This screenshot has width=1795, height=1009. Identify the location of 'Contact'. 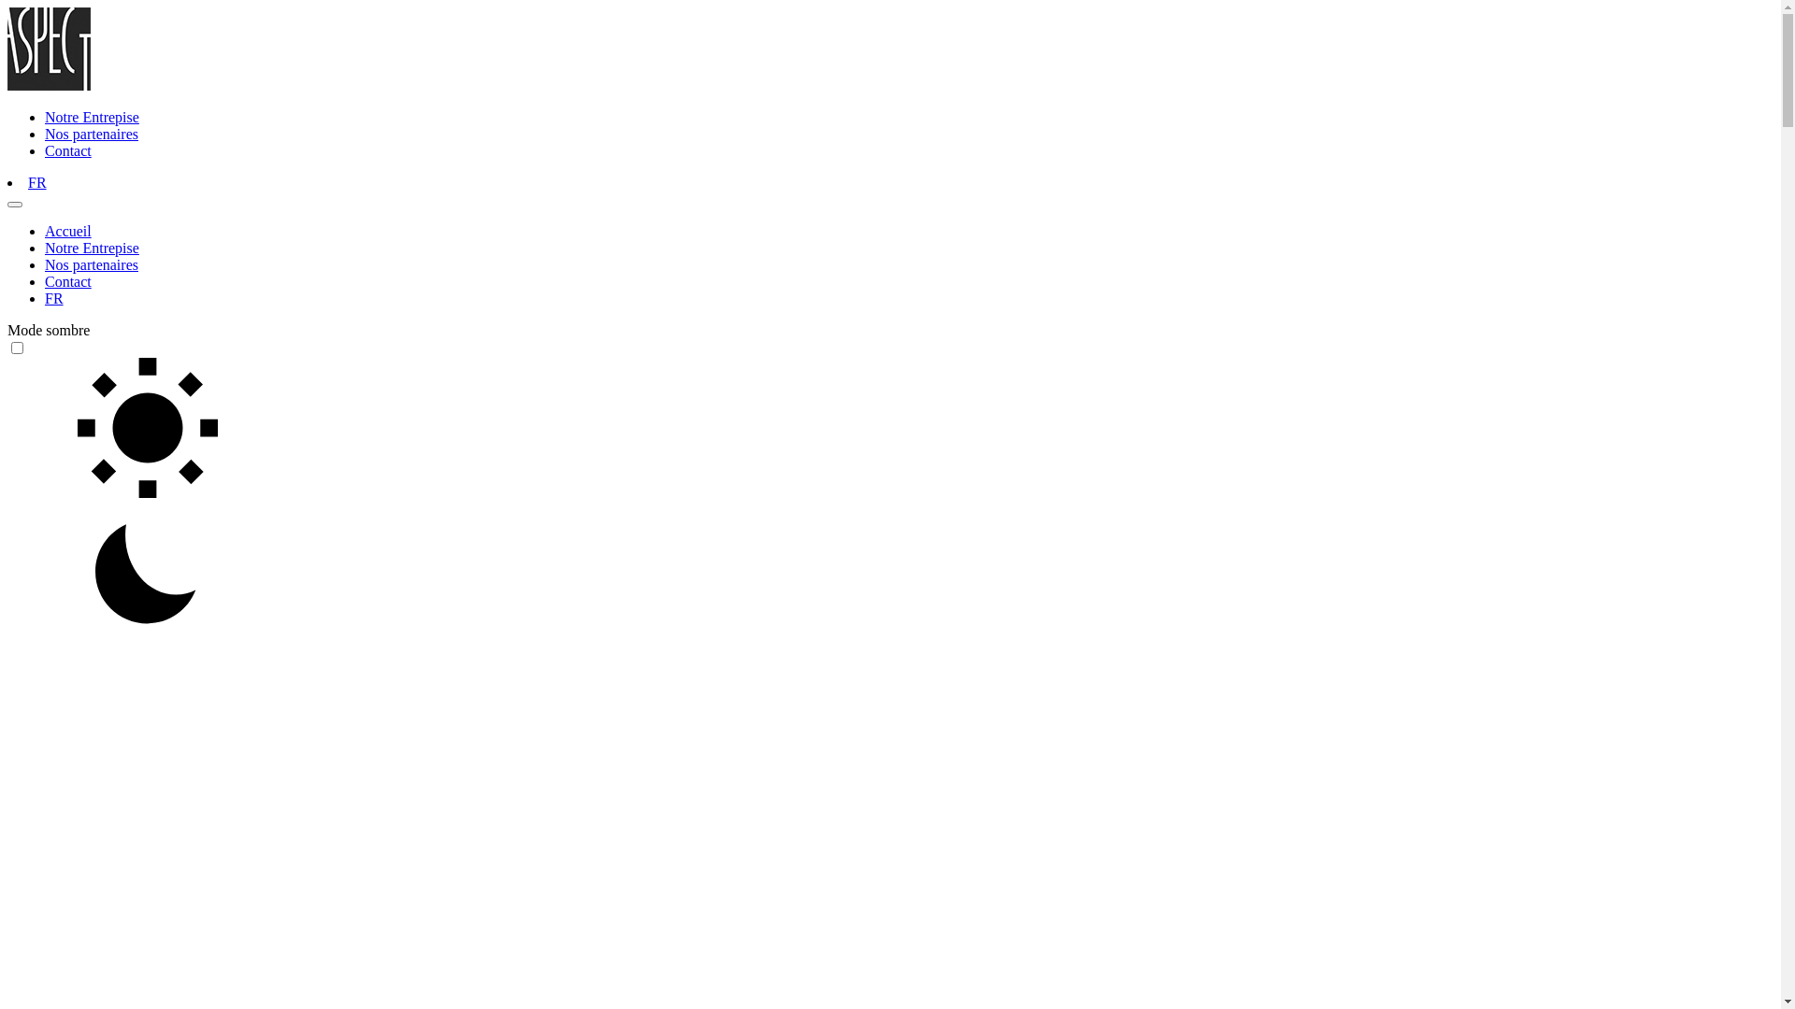
(45, 281).